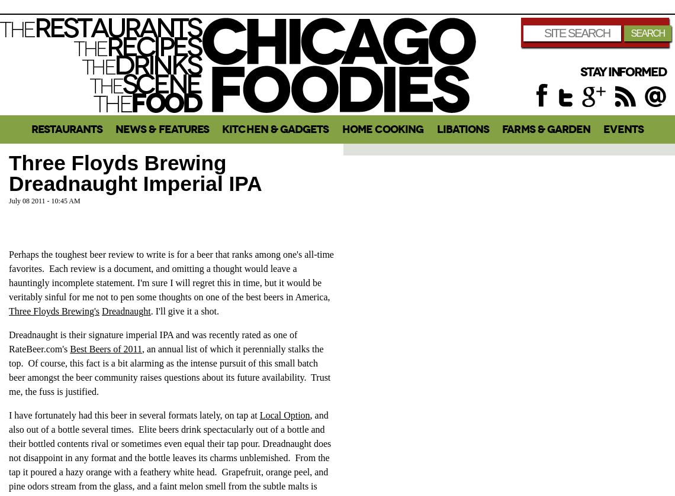 The width and height of the screenshot is (675, 496). Describe the element at coordinates (162, 129) in the screenshot. I see `'News & Features'` at that location.